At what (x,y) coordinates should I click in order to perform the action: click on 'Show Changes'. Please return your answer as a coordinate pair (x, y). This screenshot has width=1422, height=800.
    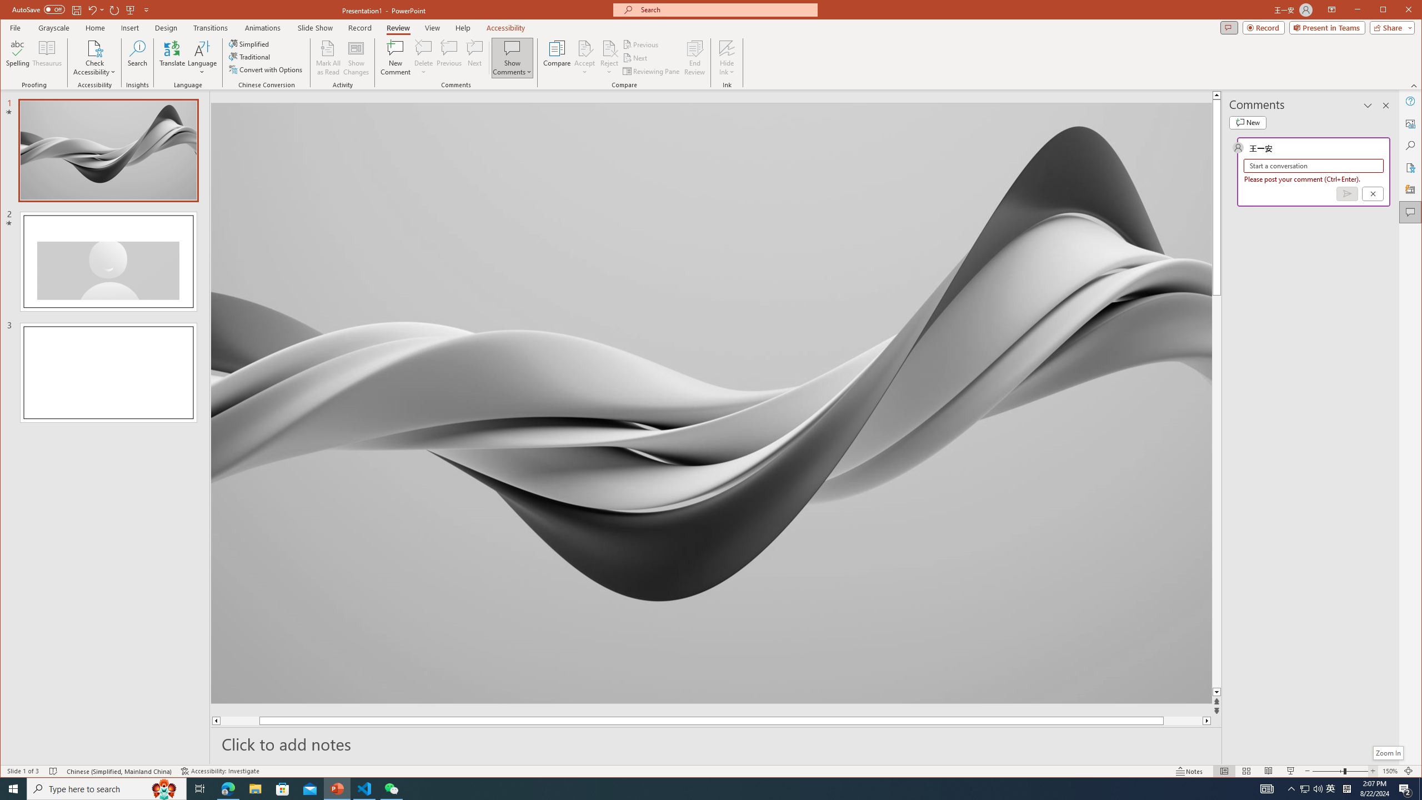
    Looking at the image, I should click on (356, 57).